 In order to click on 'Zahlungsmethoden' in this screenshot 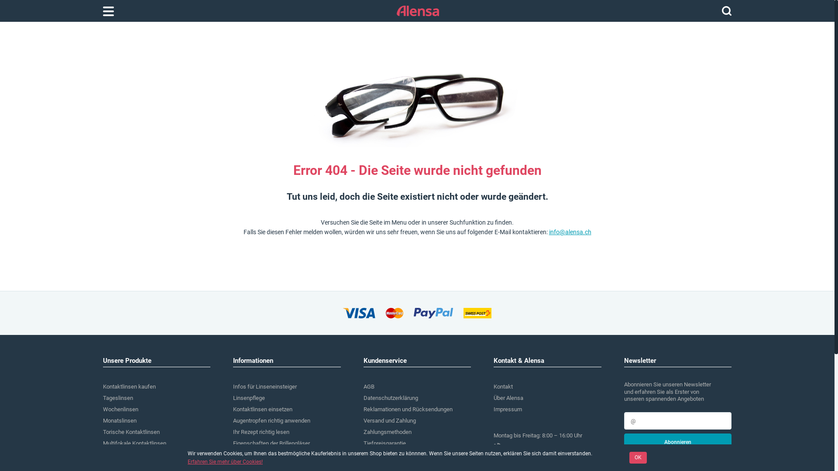, I will do `click(387, 432)`.